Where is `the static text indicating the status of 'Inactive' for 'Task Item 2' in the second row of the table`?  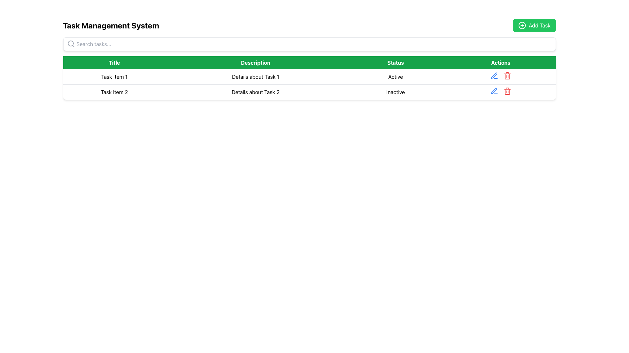
the static text indicating the status of 'Inactive' for 'Task Item 2' in the second row of the table is located at coordinates (395, 92).